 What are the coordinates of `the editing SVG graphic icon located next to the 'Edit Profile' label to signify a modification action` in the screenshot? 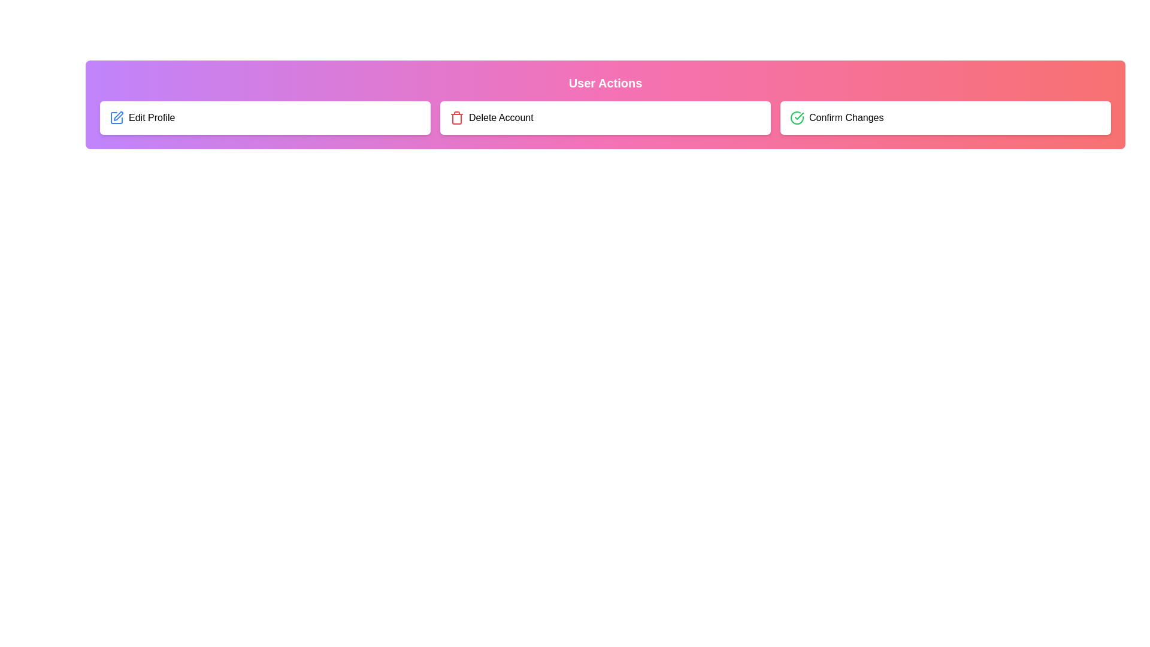 It's located at (118, 116).